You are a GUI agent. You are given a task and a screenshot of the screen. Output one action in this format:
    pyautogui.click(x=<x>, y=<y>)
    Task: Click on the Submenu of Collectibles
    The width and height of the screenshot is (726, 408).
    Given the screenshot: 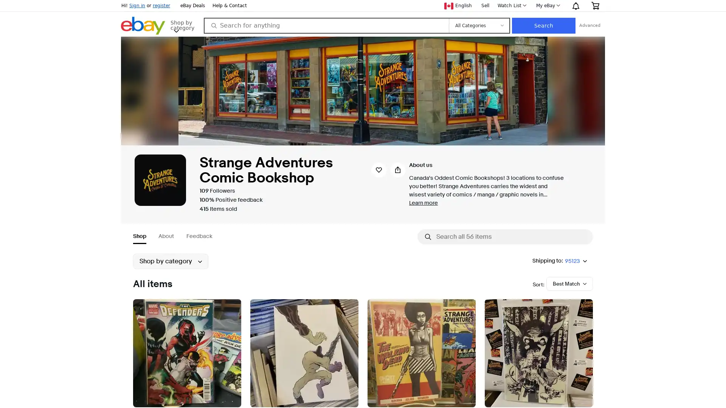 What is the action you would take?
    pyautogui.click(x=116, y=299)
    